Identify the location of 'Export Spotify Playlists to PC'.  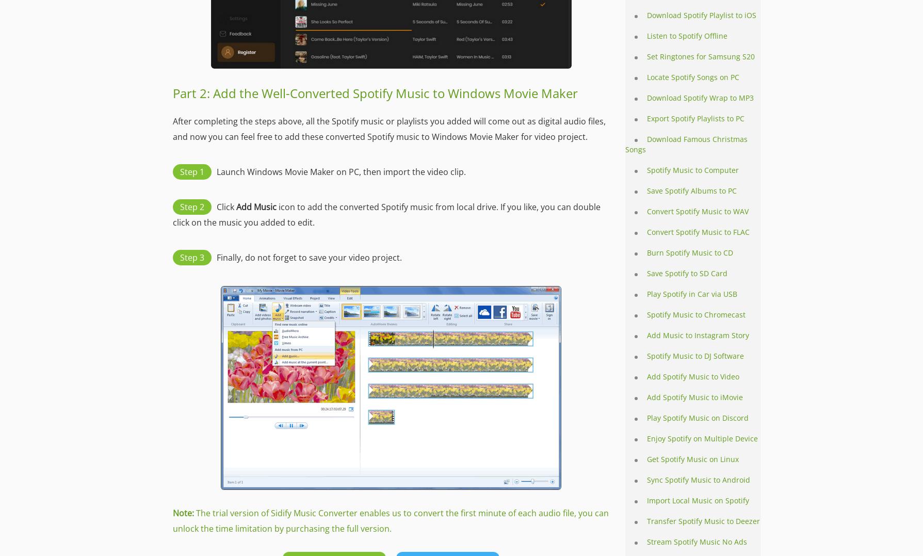
(647, 118).